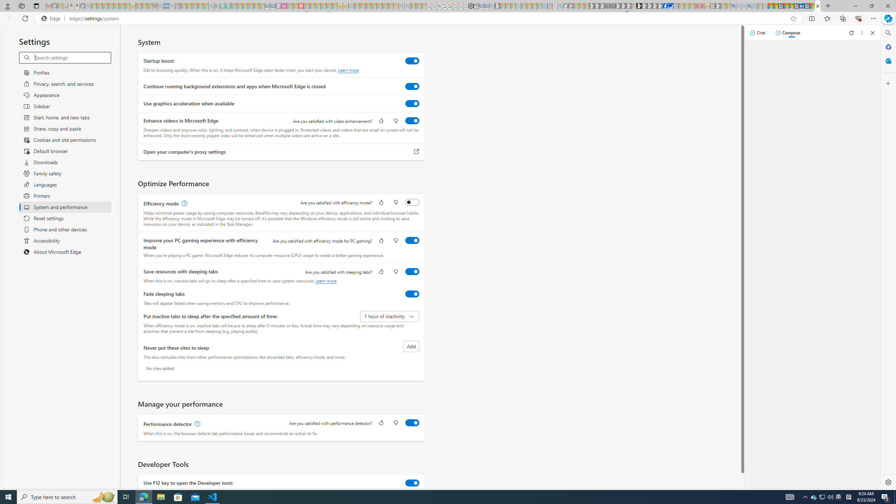 The image size is (896, 504). I want to click on 'Save resources with sleeping tabs', so click(412, 271).